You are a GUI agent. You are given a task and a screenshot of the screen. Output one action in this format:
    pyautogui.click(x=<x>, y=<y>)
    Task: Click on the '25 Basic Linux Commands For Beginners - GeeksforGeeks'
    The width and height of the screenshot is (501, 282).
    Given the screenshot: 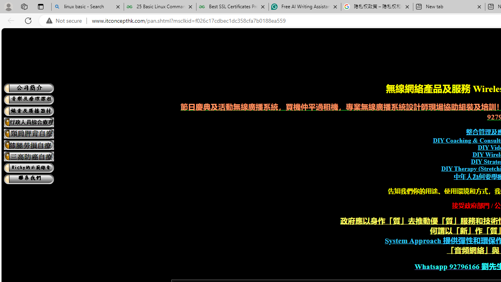 What is the action you would take?
    pyautogui.click(x=159, y=7)
    